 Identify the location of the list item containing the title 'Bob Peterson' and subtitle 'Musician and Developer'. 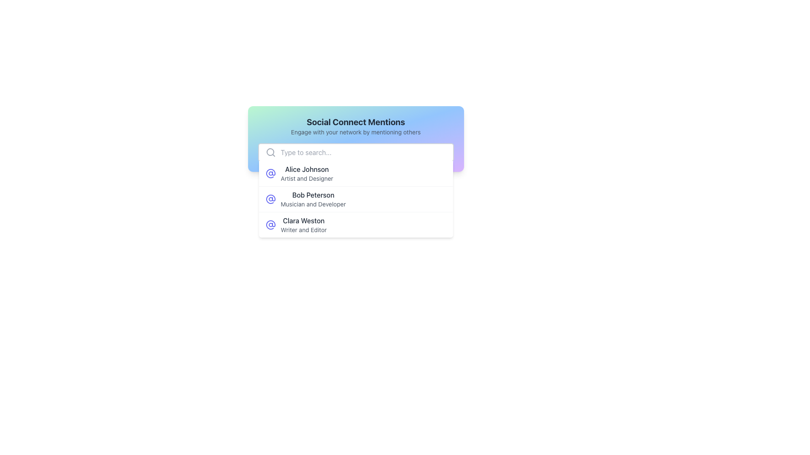
(356, 199).